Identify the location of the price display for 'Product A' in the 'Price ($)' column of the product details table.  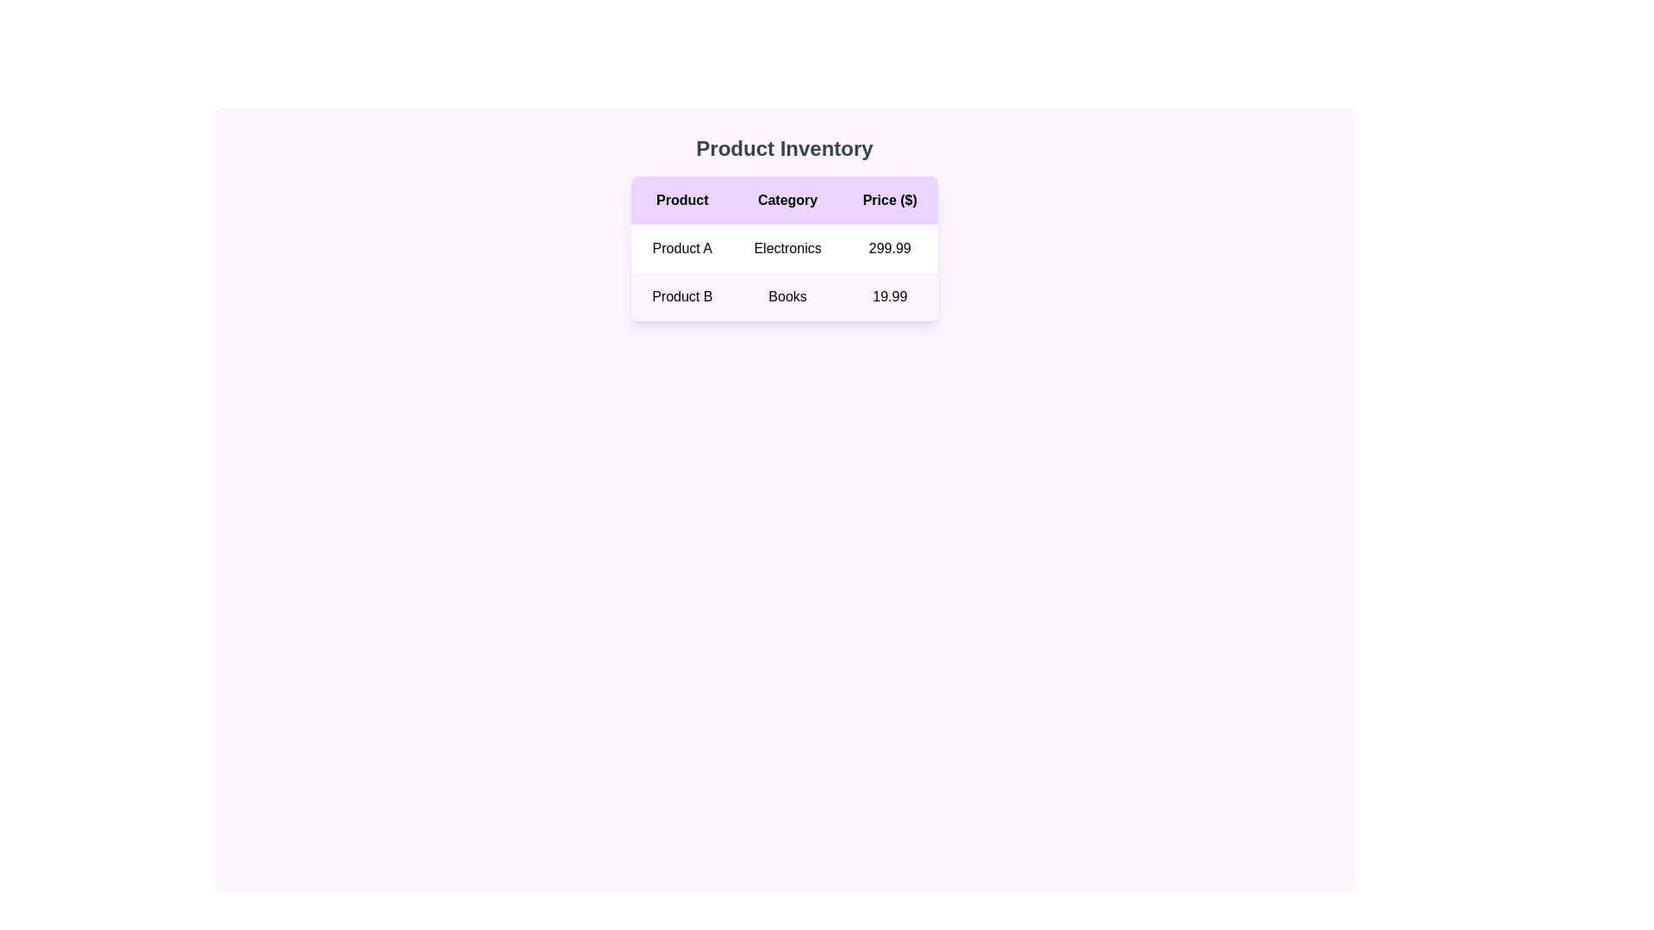
(890, 249).